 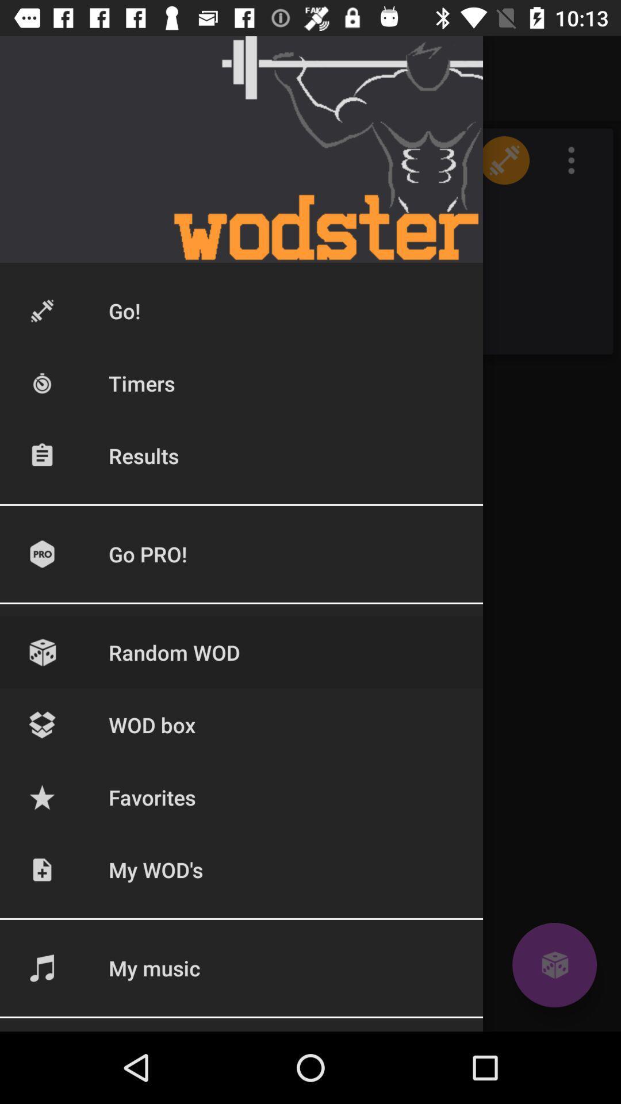 What do you see at coordinates (572, 160) in the screenshot?
I see `the icon which is beside dumble pic` at bounding box center [572, 160].